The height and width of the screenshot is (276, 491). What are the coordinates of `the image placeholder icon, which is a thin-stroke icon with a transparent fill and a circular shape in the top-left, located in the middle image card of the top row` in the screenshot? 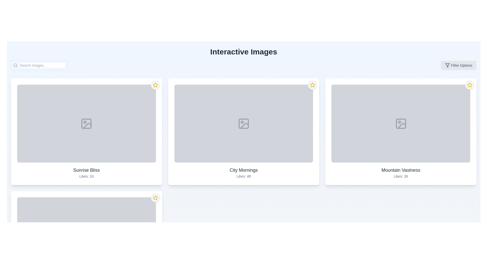 It's located at (243, 123).